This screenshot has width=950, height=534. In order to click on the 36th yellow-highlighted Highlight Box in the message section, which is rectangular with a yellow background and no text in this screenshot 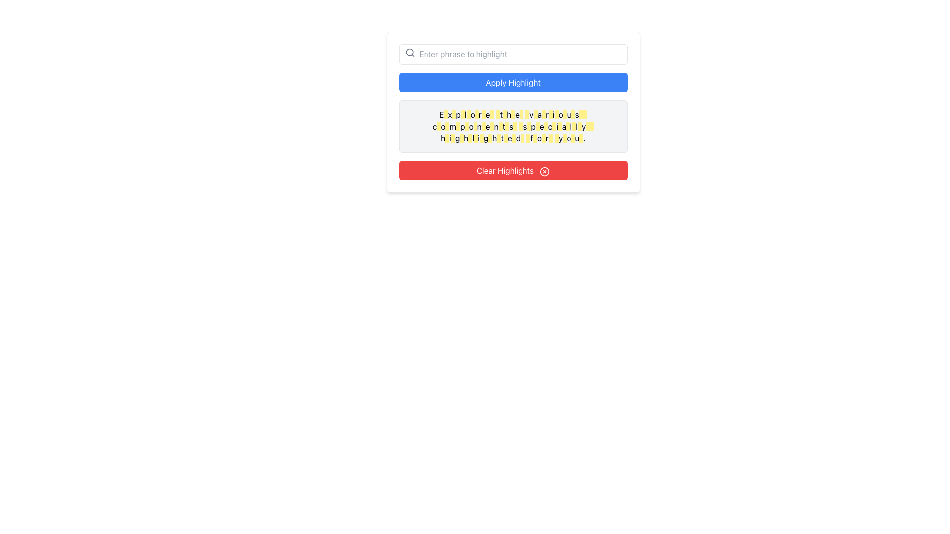, I will do `click(574, 126)`.